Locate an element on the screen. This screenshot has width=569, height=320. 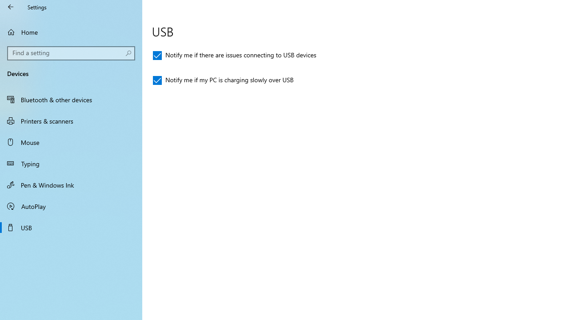
'Notify me if there are issues connecting to USB devices' is located at coordinates (235, 55).